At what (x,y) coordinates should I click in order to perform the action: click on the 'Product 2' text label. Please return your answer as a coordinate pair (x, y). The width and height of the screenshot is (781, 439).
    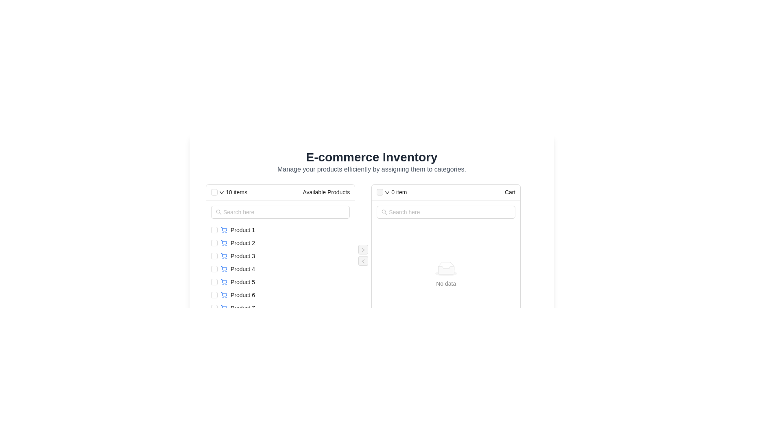
    Looking at the image, I should click on (242, 242).